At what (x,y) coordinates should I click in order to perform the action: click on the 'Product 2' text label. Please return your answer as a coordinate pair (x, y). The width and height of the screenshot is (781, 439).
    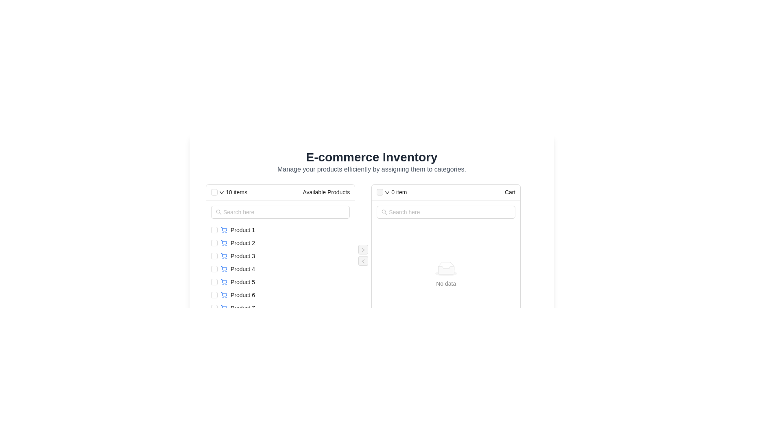
    Looking at the image, I should click on (242, 242).